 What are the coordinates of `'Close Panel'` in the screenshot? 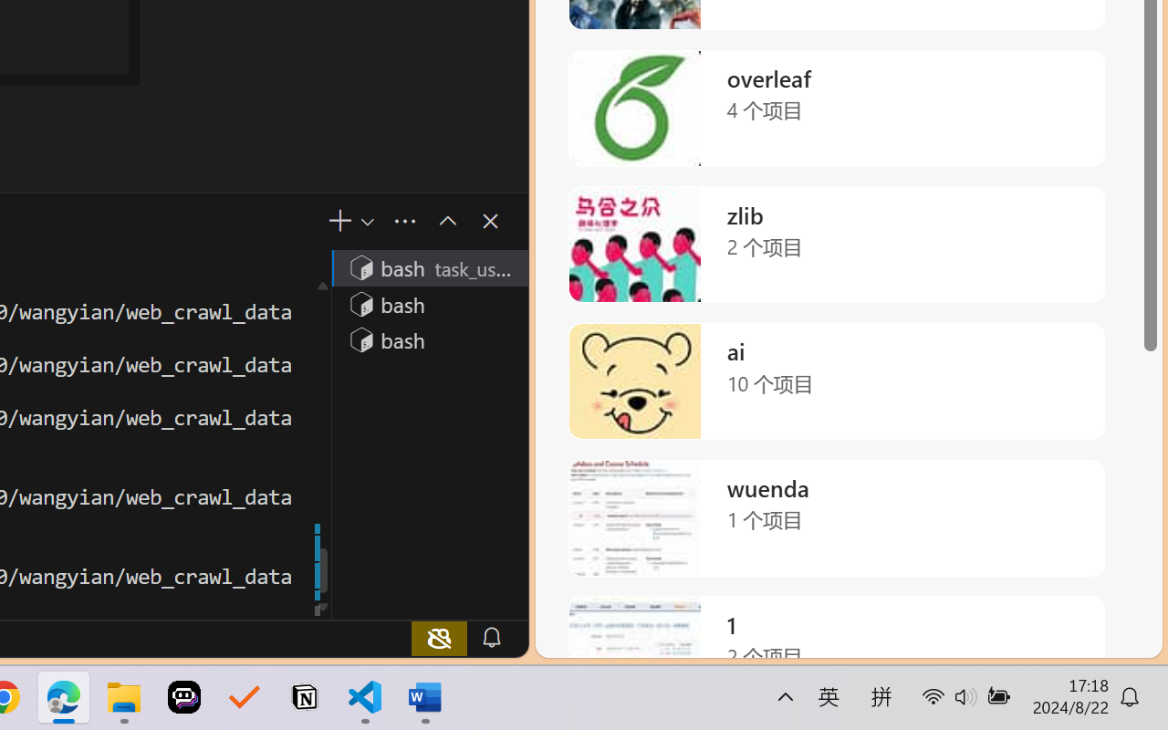 It's located at (489, 220).